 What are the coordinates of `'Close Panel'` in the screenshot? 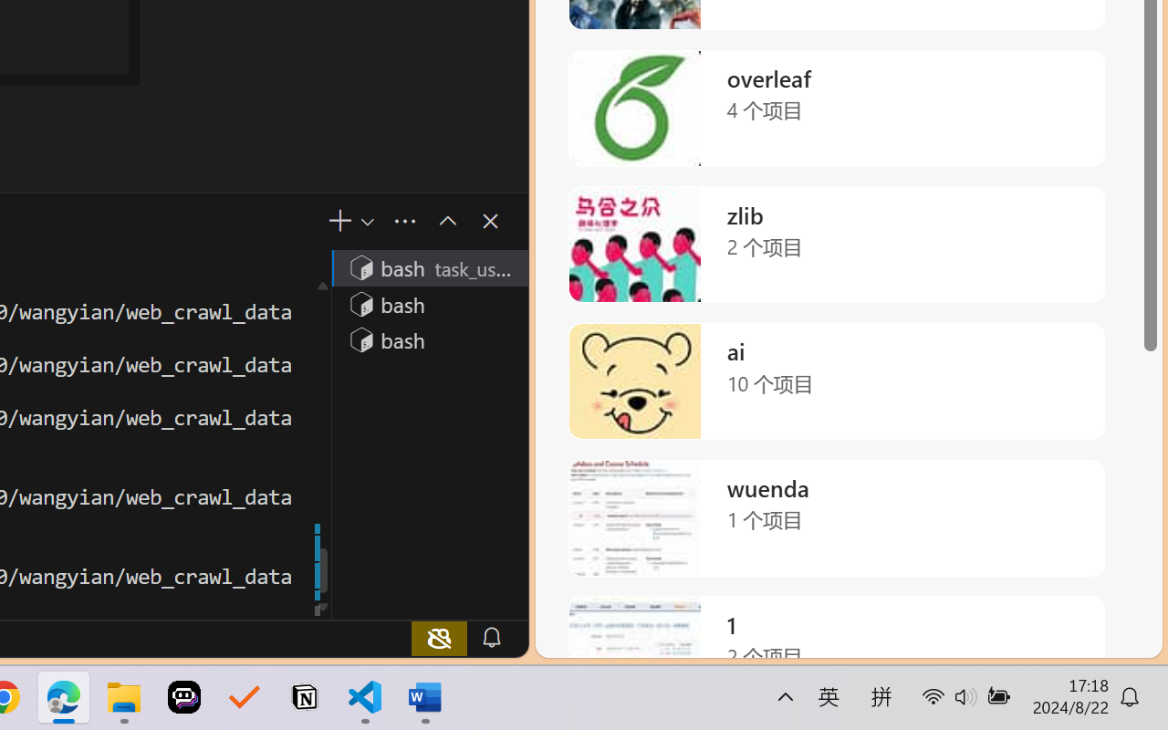 It's located at (489, 220).